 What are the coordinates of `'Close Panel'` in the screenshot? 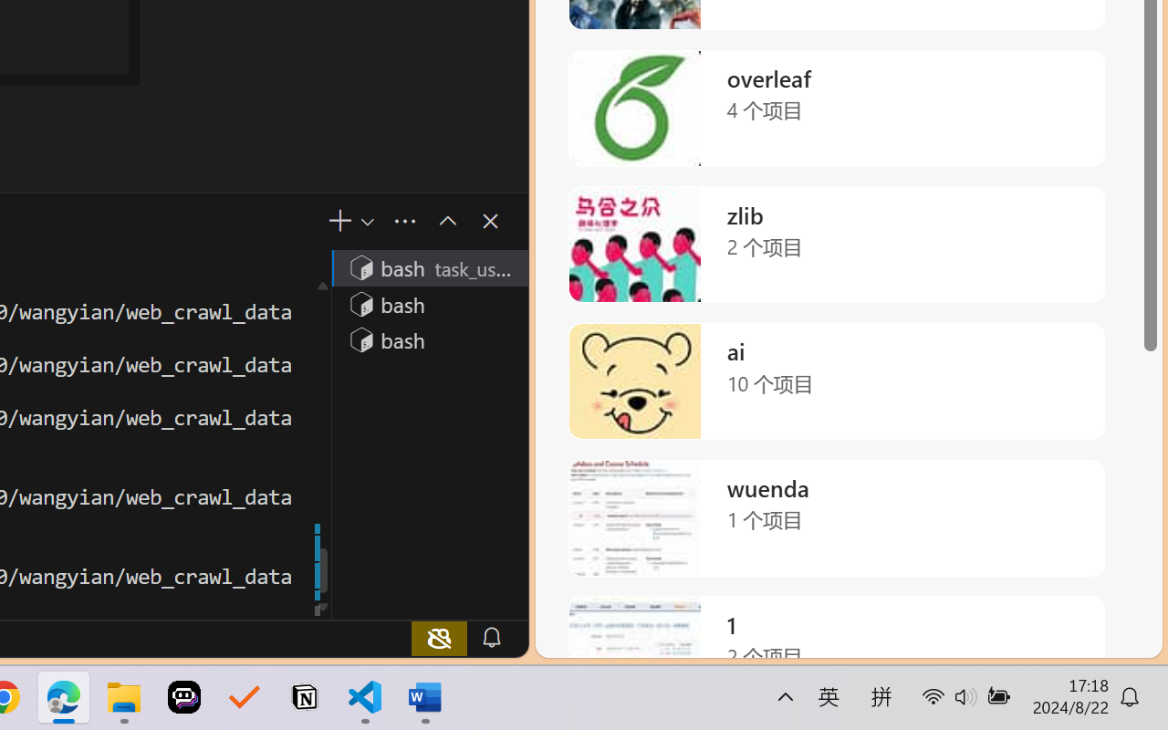 It's located at (489, 220).